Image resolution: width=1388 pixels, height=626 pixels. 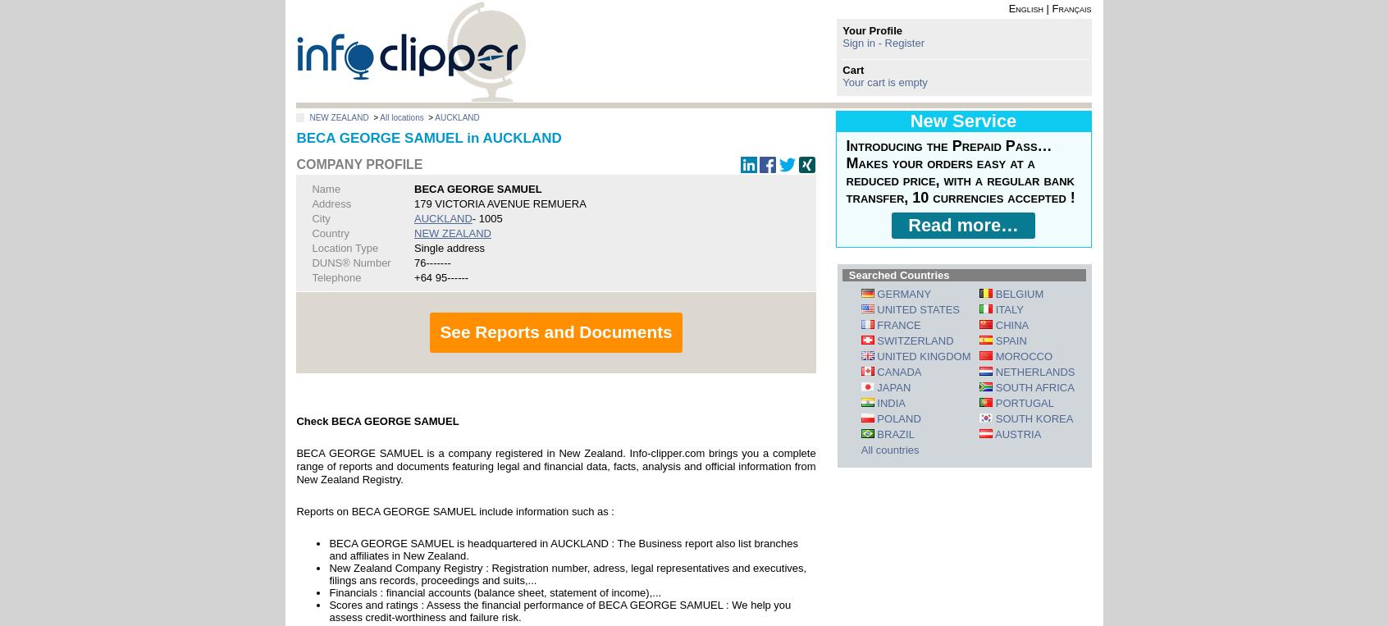 I want to click on 'New Zealand Company Registry : Registration number, adress, legal representatives and executives, filings ans records, proceedings and suits,...', so click(x=568, y=572).